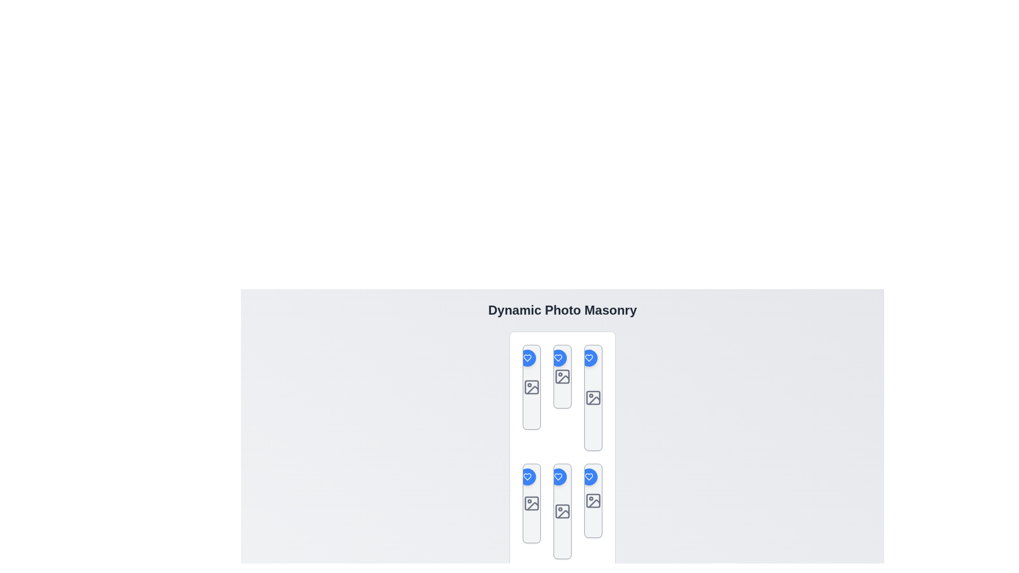 The image size is (1019, 573). Describe the element at coordinates (557, 476) in the screenshot. I see `the blue heart-shaped icon located in the middle row of the second column in a three-column grid` at that location.